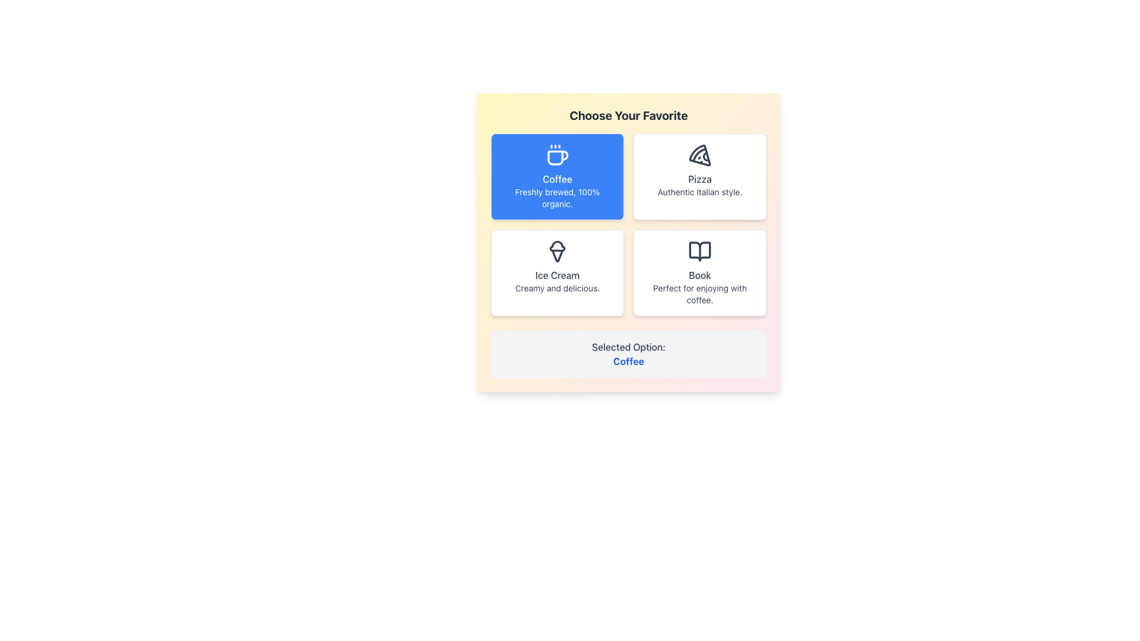 The height and width of the screenshot is (641, 1140). Describe the element at coordinates (557, 198) in the screenshot. I see `the descriptive text label providing details about the 'Coffee' card option, located at the bottom section of the 'Coffee' card` at that location.